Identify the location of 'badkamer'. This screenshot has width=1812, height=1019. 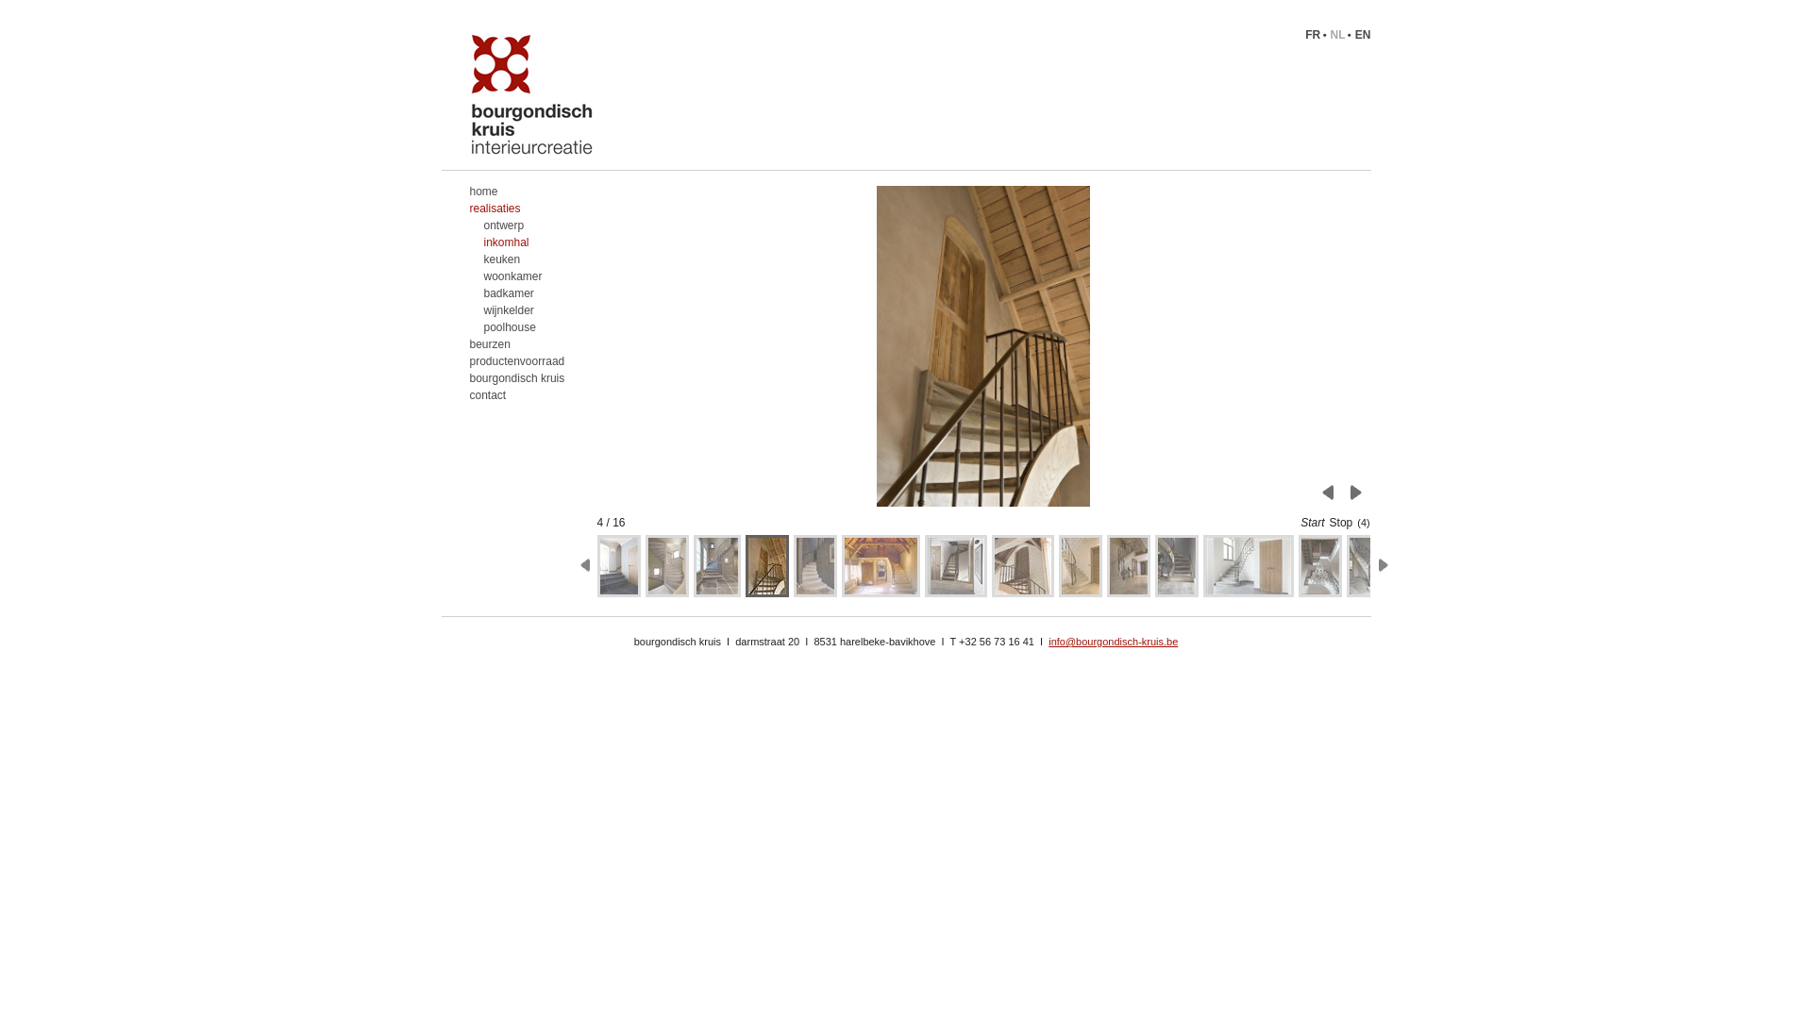
(512, 293).